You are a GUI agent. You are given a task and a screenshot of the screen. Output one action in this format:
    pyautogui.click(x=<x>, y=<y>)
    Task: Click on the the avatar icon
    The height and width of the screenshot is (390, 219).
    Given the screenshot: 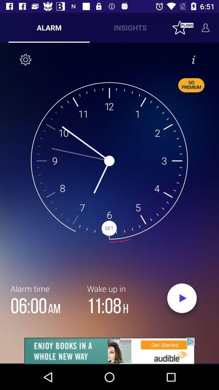 What is the action you would take?
    pyautogui.click(x=206, y=28)
    